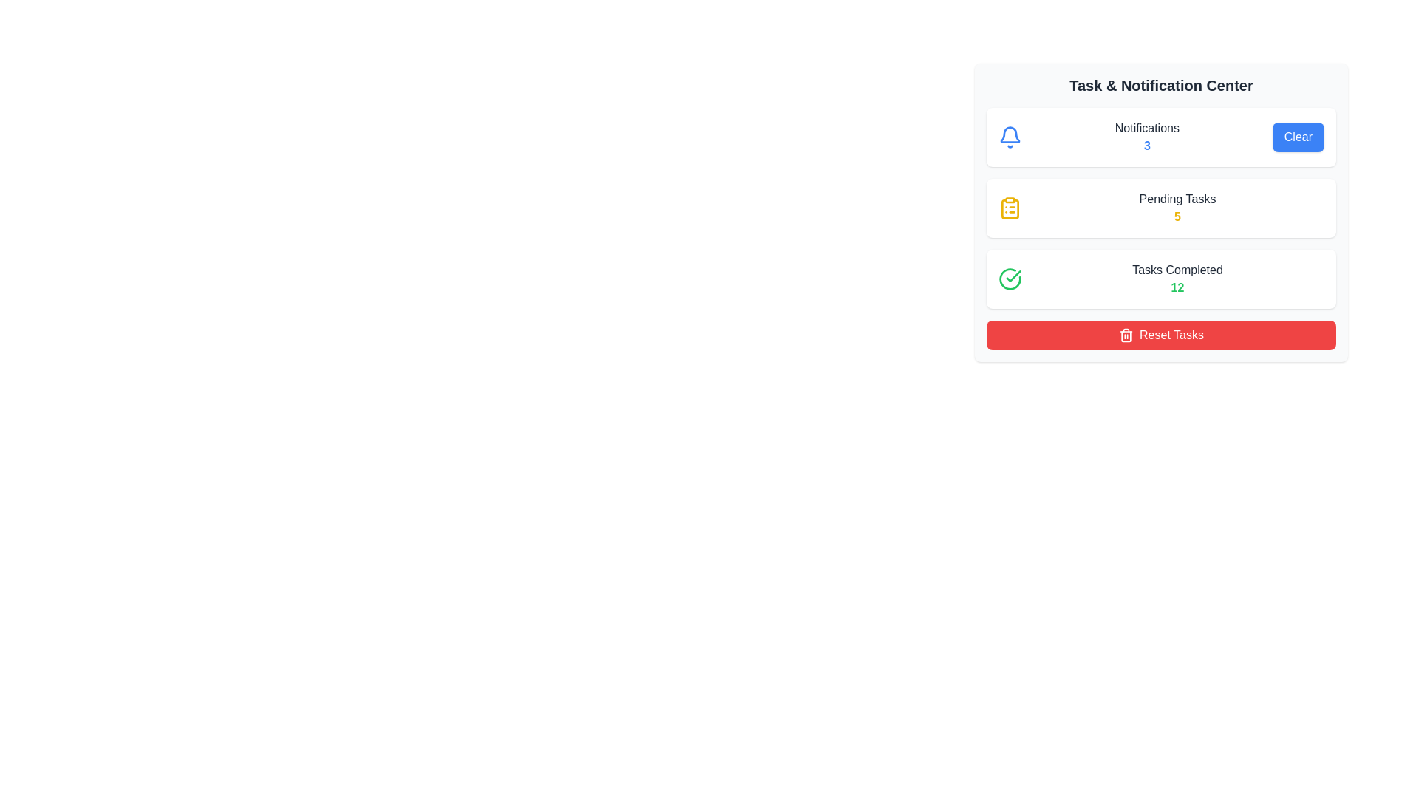 Image resolution: width=1419 pixels, height=798 pixels. Describe the element at coordinates (1177, 216) in the screenshot. I see `the numeric character '5' displayed in bold yellow font, located immediately after the phrase 'Pending Tasks'` at that location.